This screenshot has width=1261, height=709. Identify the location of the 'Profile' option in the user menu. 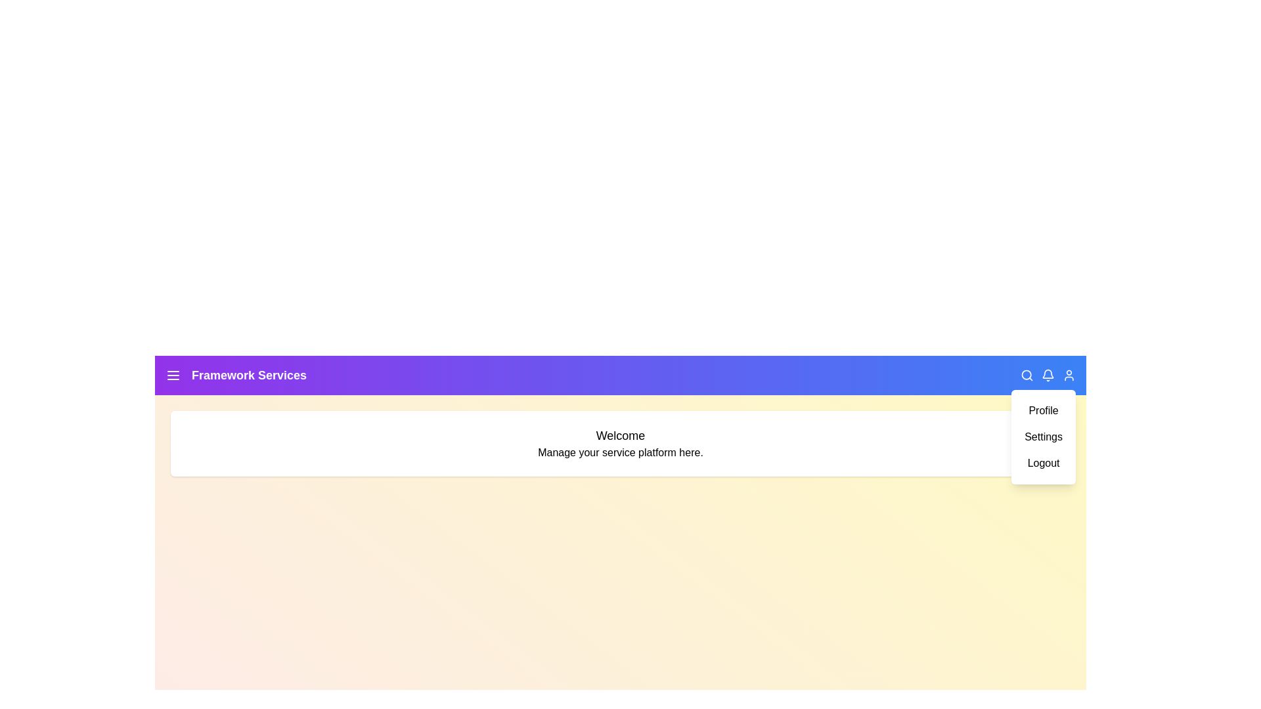
(1042, 410).